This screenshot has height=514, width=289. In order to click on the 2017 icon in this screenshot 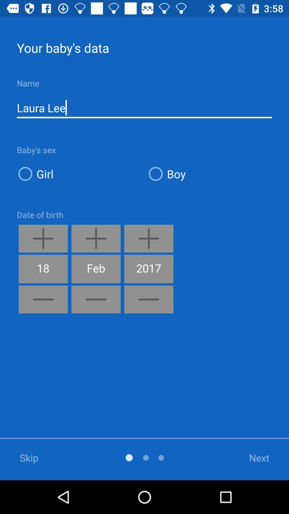, I will do `click(149, 269)`.